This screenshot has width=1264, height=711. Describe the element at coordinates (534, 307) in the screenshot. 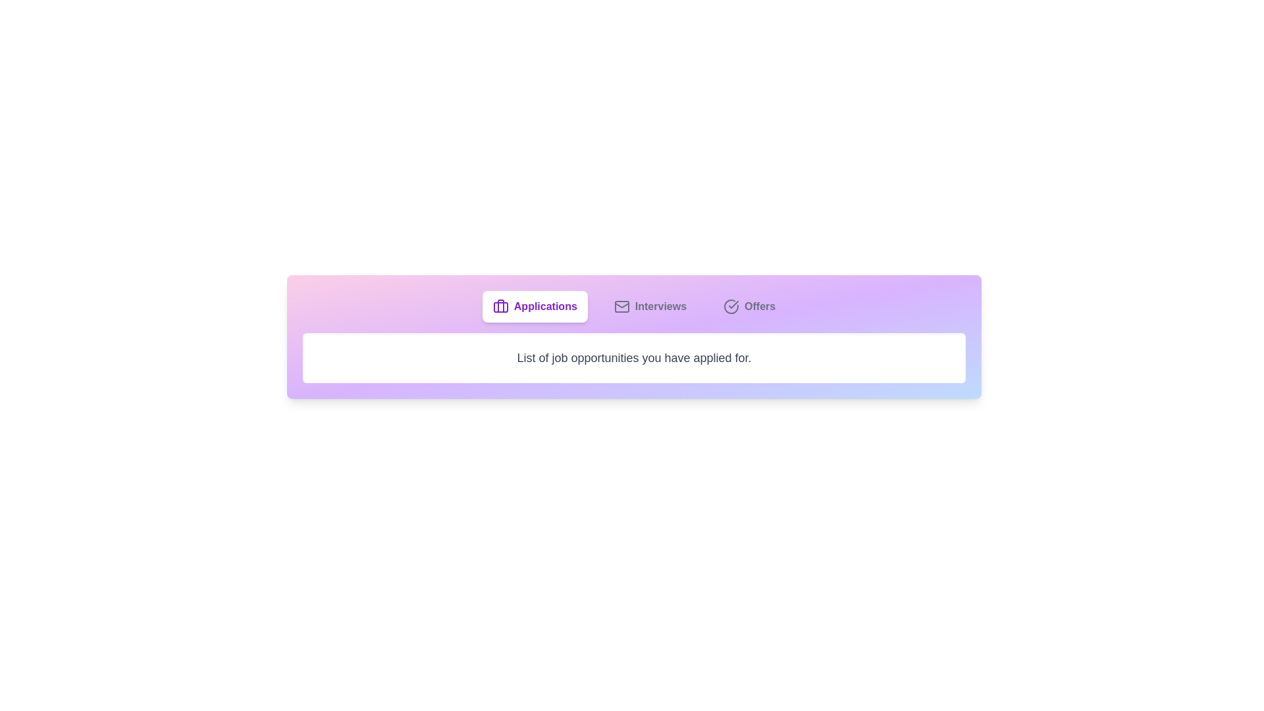

I see `the tab labeled Applications to switch to its content` at that location.